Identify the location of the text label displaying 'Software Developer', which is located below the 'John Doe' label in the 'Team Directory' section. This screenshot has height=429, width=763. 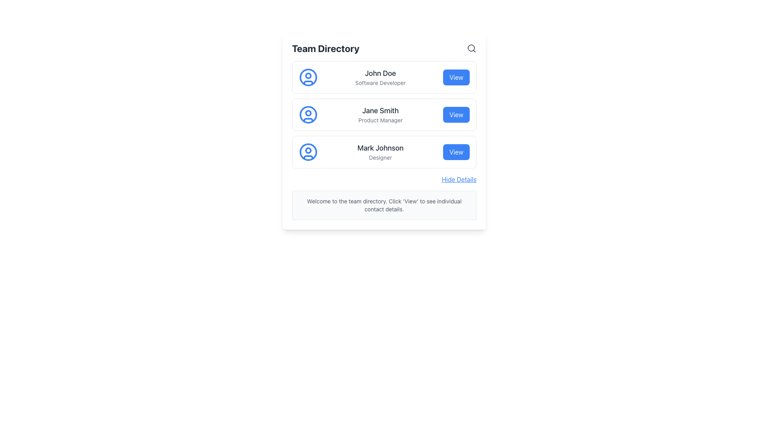
(380, 83).